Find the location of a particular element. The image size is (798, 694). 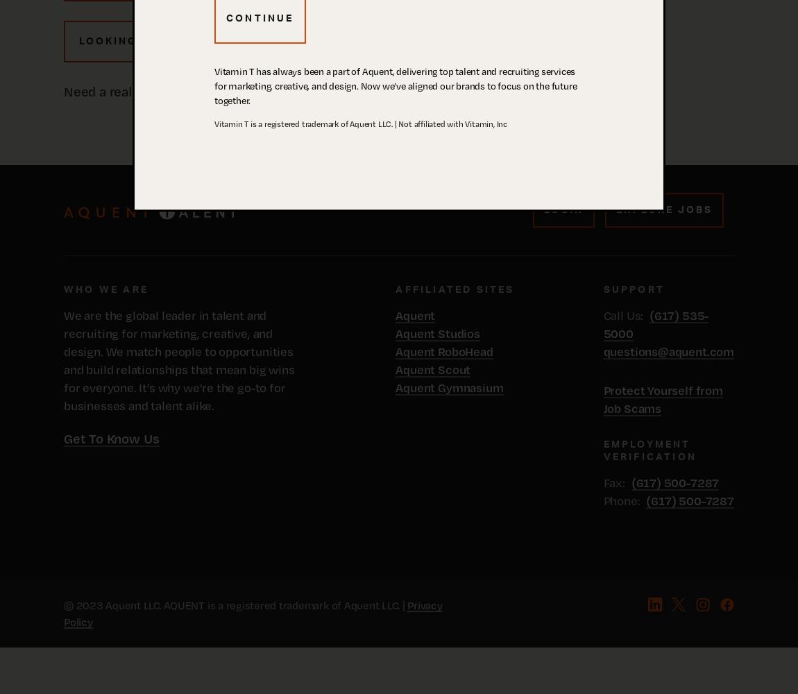

'Employment Verification' is located at coordinates (603, 451).